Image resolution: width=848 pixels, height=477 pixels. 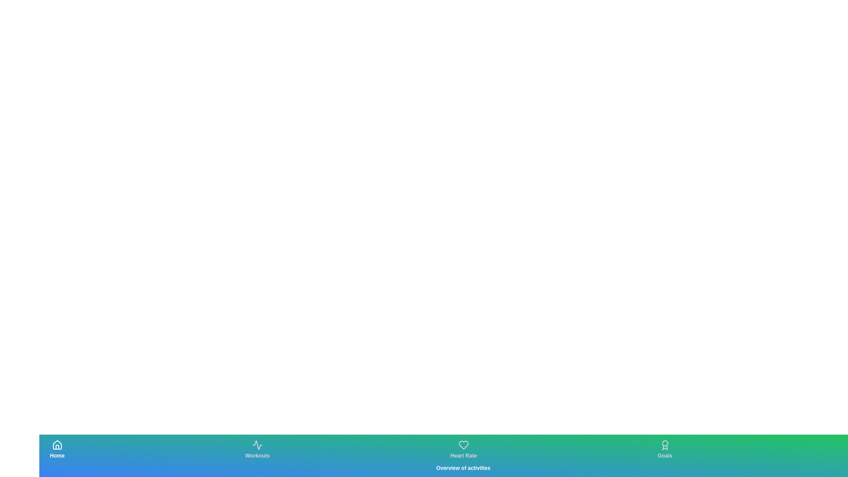 I want to click on the tab labeled Home to view its hover effect, so click(x=57, y=450).